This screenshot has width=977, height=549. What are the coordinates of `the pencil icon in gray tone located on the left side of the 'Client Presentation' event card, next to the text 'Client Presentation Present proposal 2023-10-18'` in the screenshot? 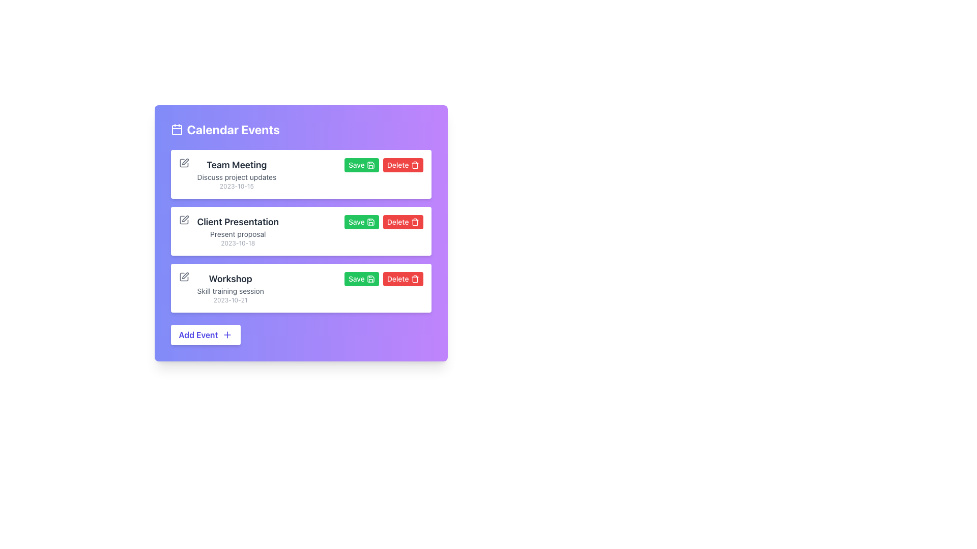 It's located at (184, 219).